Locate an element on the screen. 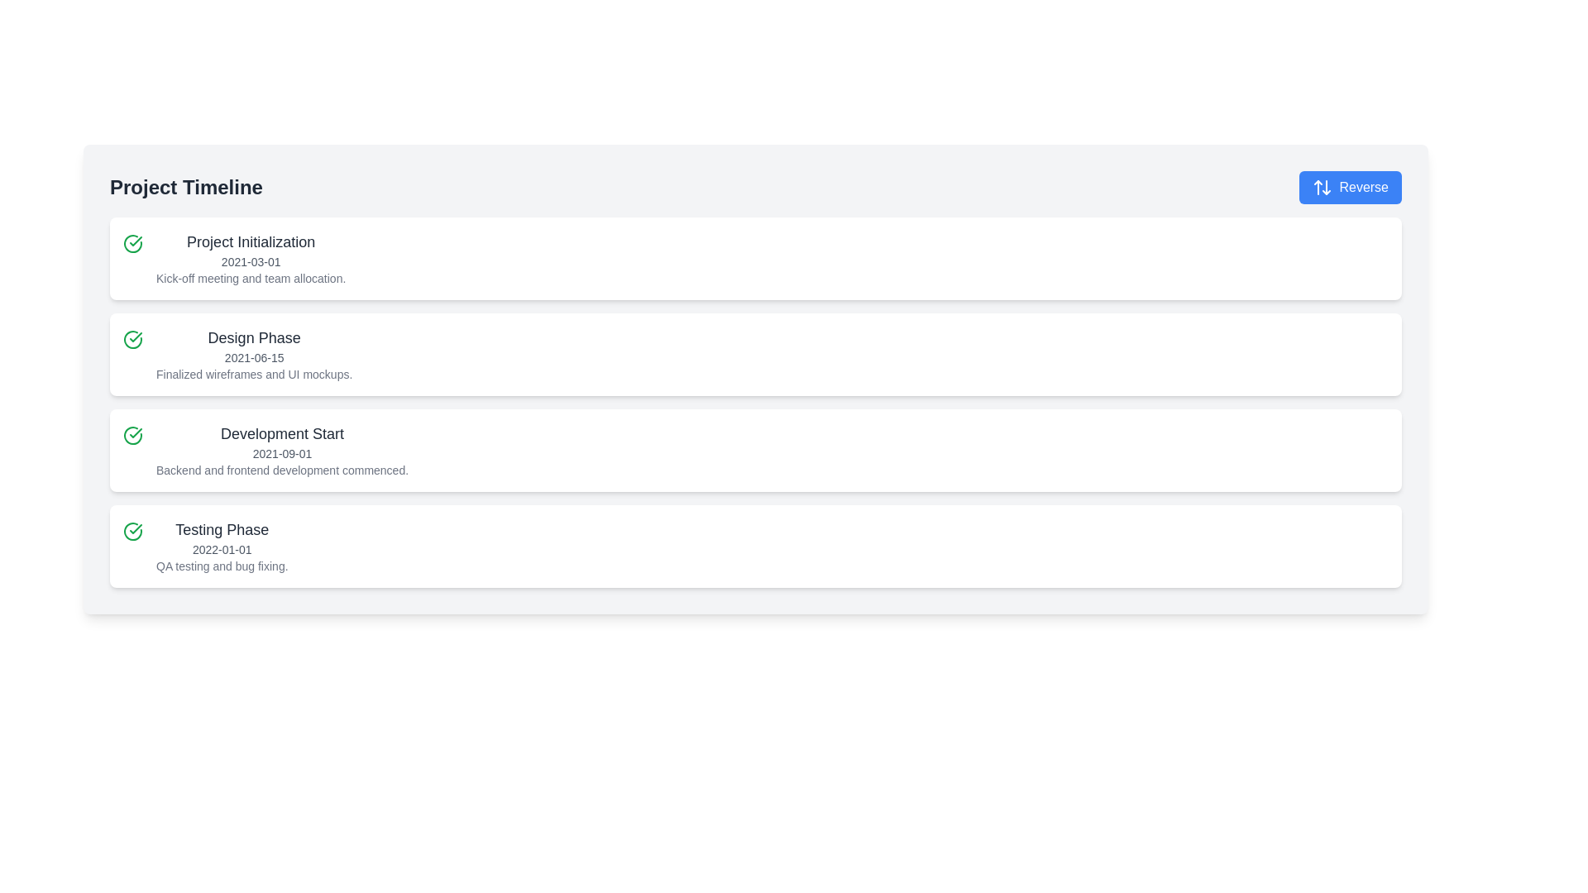 This screenshot has width=1588, height=893. the green check-mark icon within the circular frame in the third list item of the project timeline is located at coordinates (136, 529).